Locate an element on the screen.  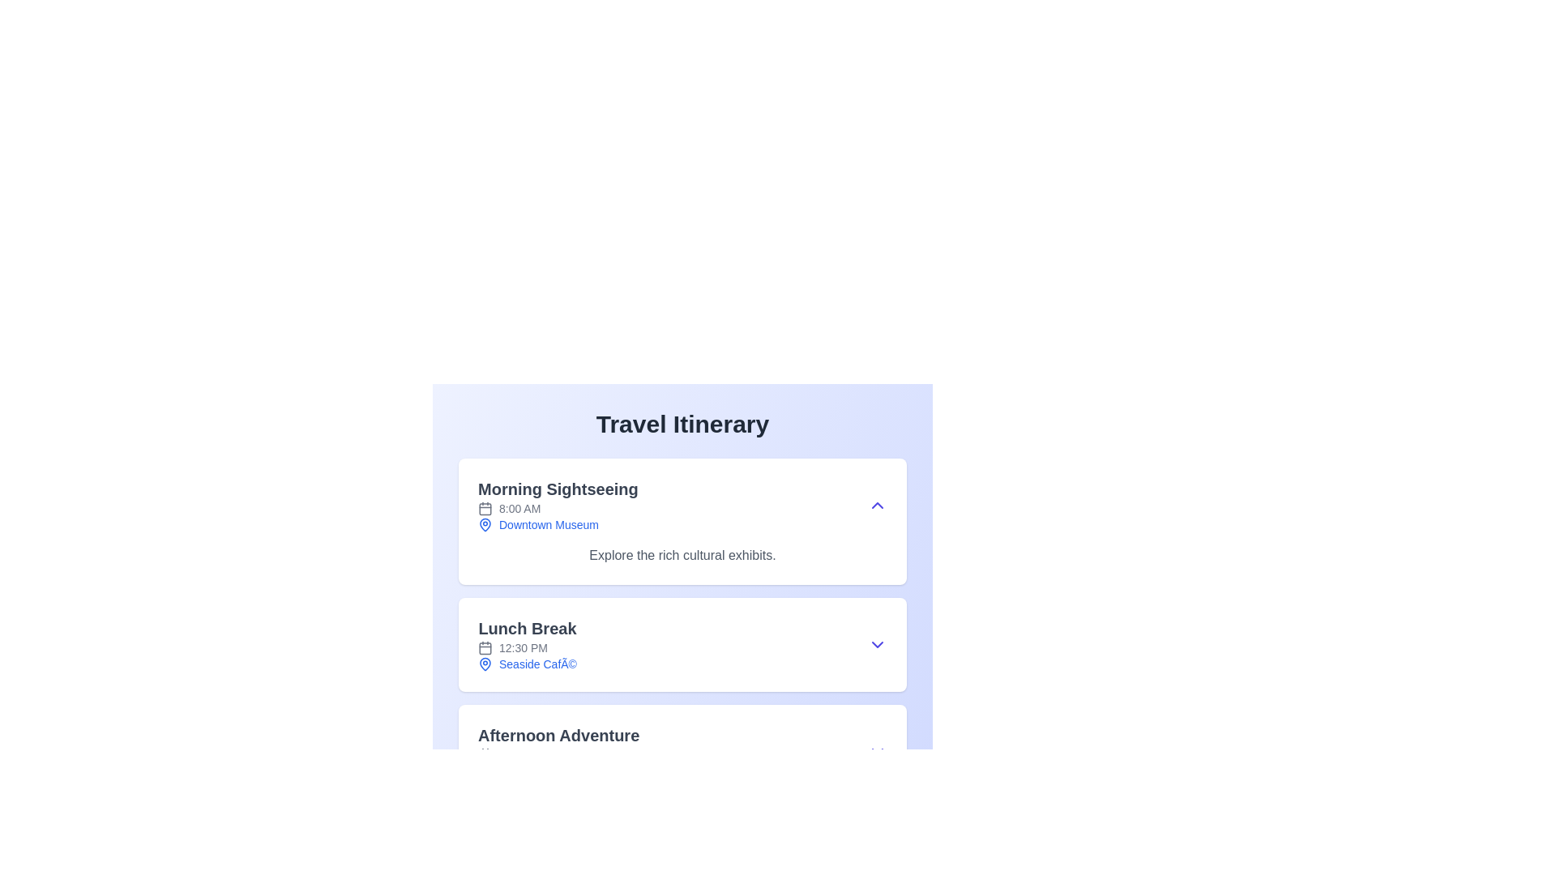
the calendar icon located in the 'Morning Sightseeing' section of the 'Travel Itinerary' interface, which is styled in gray and positioned to the left of the text '8:00 AM' is located at coordinates (485, 508).